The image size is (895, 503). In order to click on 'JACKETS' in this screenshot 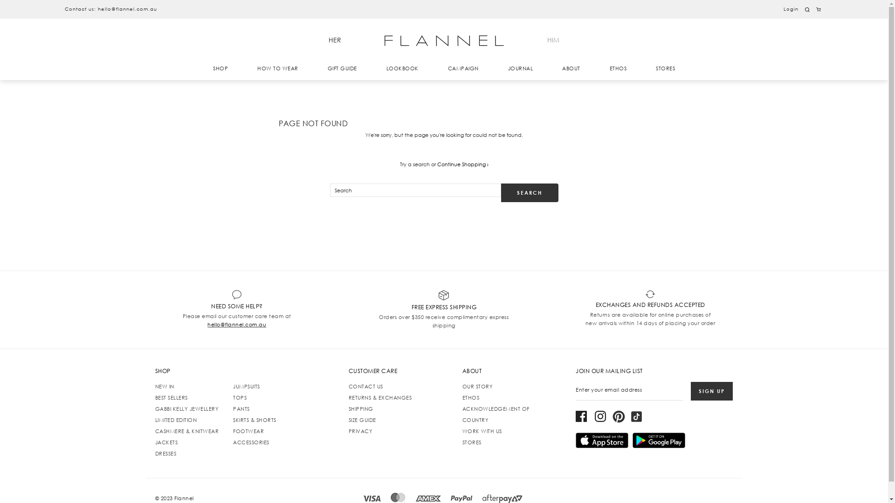, I will do `click(154, 442)`.